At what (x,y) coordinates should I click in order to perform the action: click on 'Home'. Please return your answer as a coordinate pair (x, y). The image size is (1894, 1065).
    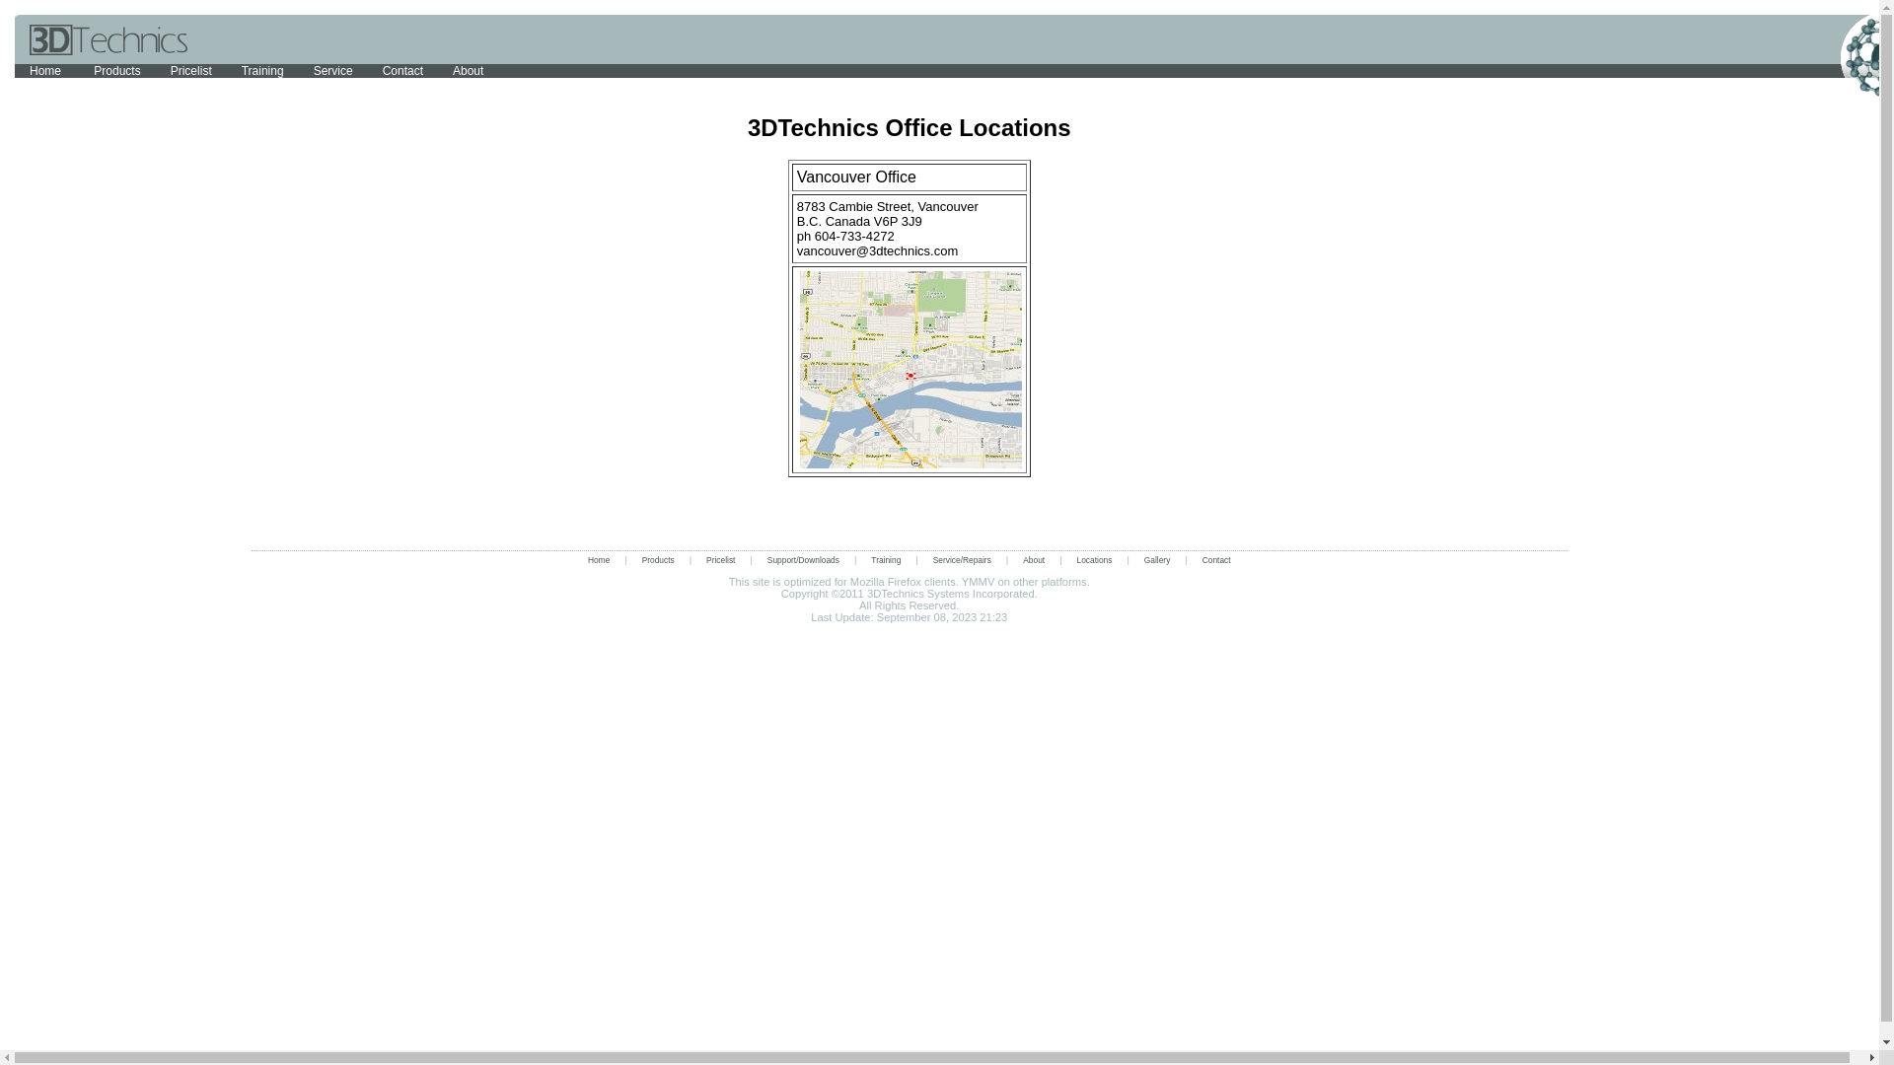
    Looking at the image, I should click on (597, 559).